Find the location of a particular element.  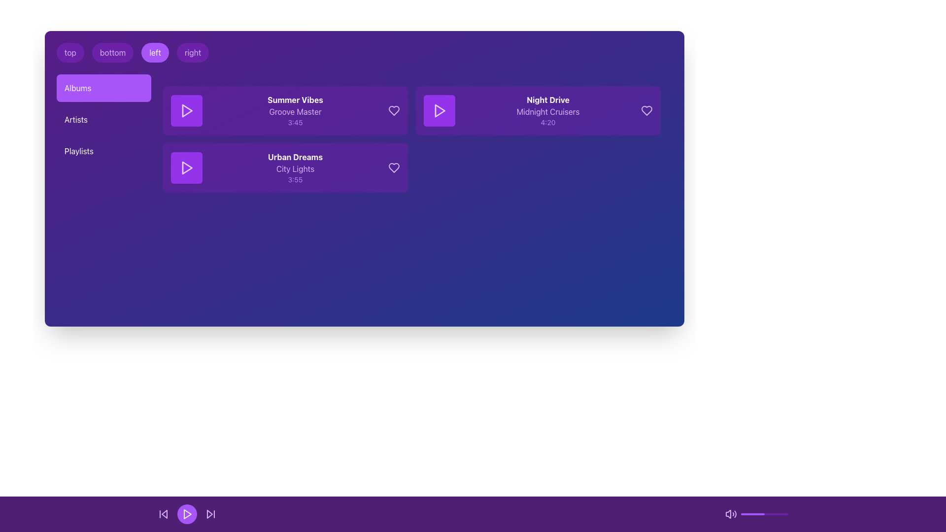

the small triangular purple play button located in the first row of the 'Albums' list is located at coordinates (187, 110).